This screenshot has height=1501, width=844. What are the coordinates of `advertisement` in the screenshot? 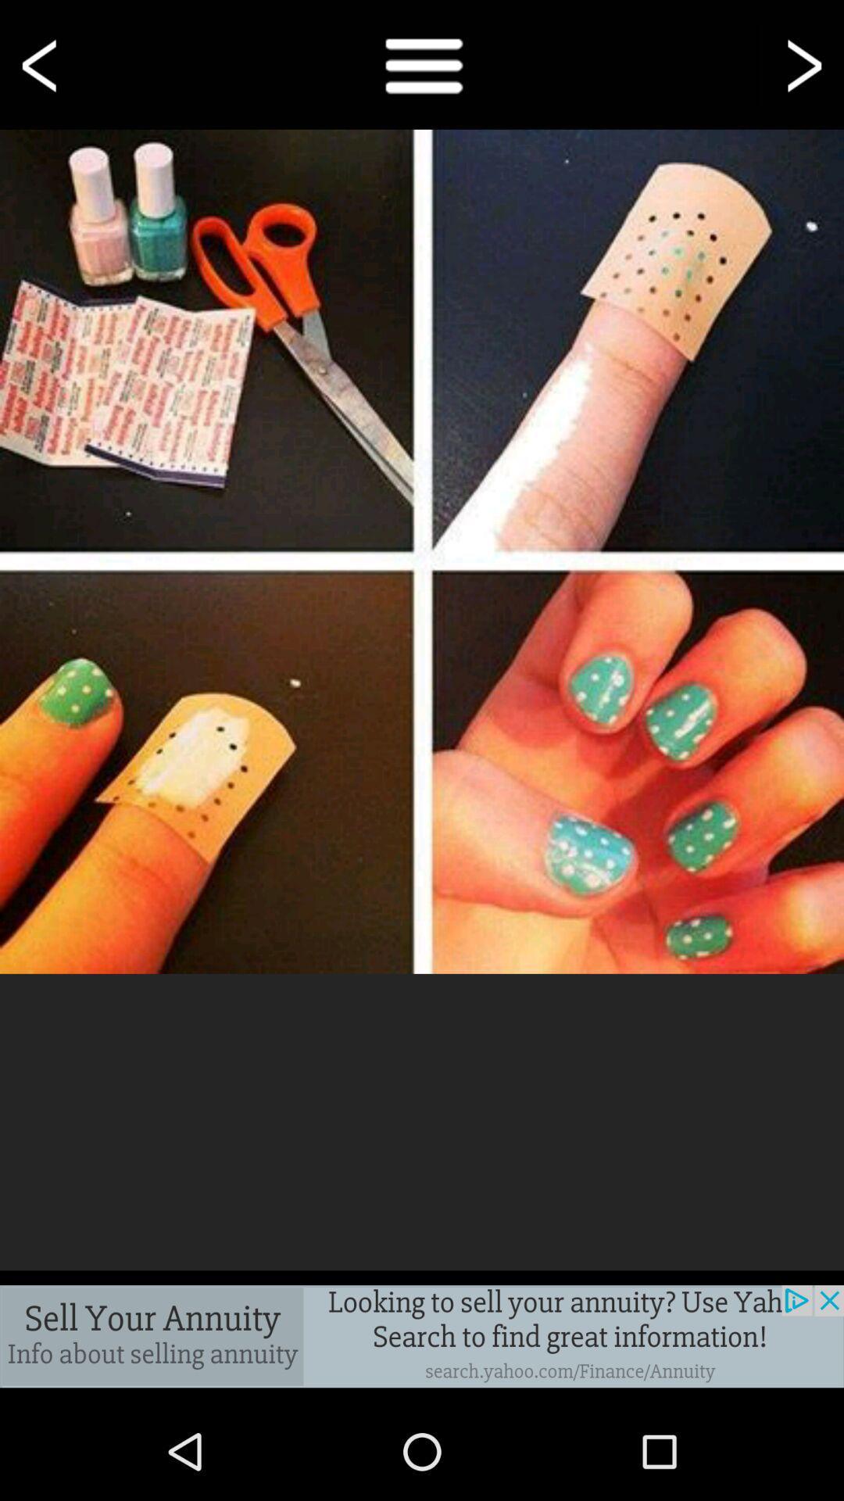 It's located at (422, 1335).